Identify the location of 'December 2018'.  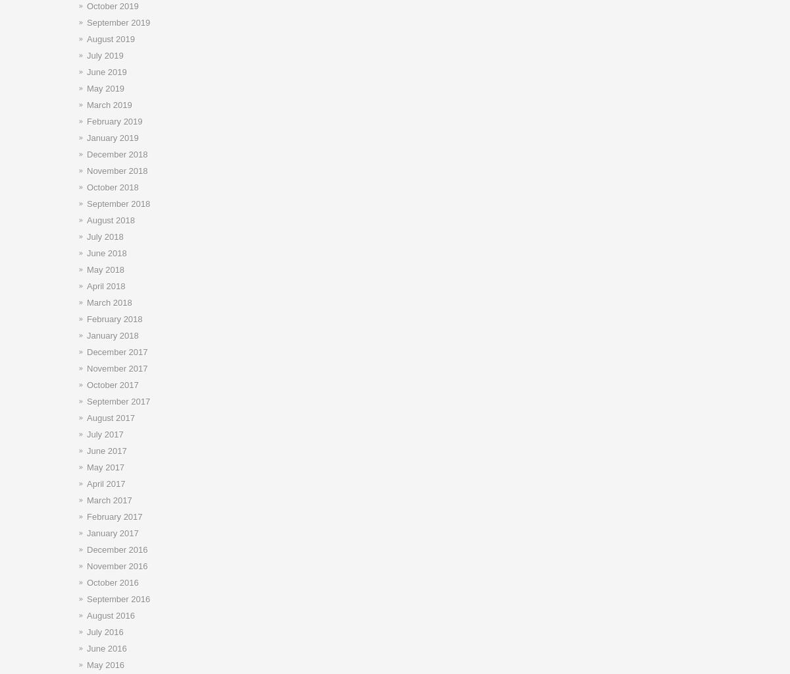
(87, 154).